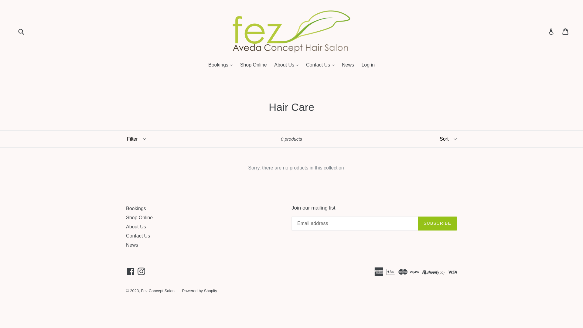 This screenshot has height=328, width=583. What do you see at coordinates (437, 224) in the screenshot?
I see `'SUBSCRIBE'` at bounding box center [437, 224].